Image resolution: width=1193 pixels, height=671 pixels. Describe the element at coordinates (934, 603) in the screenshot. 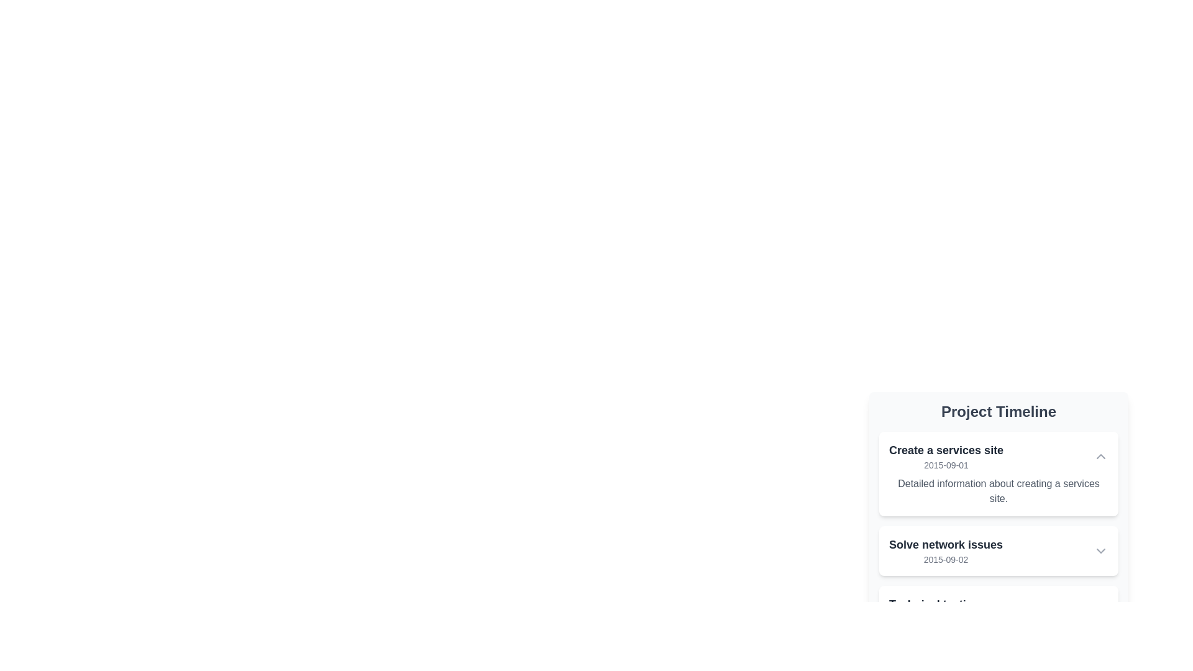

I see `the text 'Technical testing' displayed in bold within the Text Label located in the lower area of the 'Project Timeline' section` at that location.